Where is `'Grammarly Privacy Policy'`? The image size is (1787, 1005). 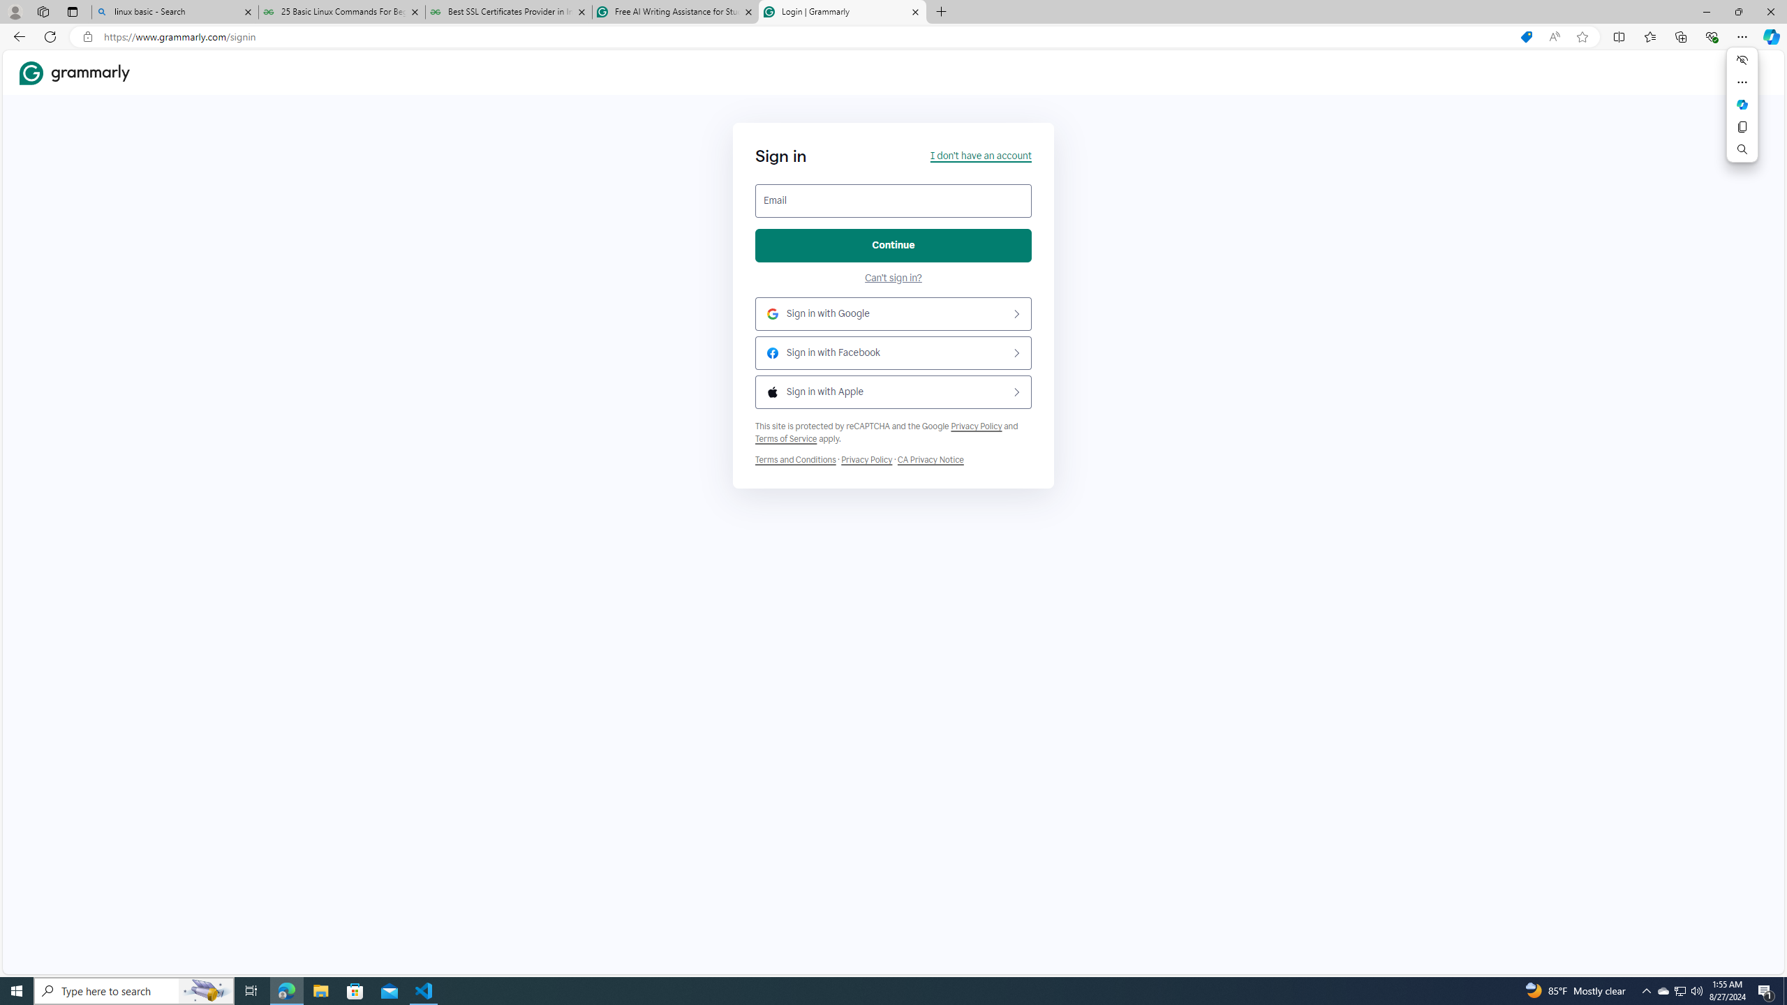 'Grammarly Privacy Policy' is located at coordinates (930, 459).